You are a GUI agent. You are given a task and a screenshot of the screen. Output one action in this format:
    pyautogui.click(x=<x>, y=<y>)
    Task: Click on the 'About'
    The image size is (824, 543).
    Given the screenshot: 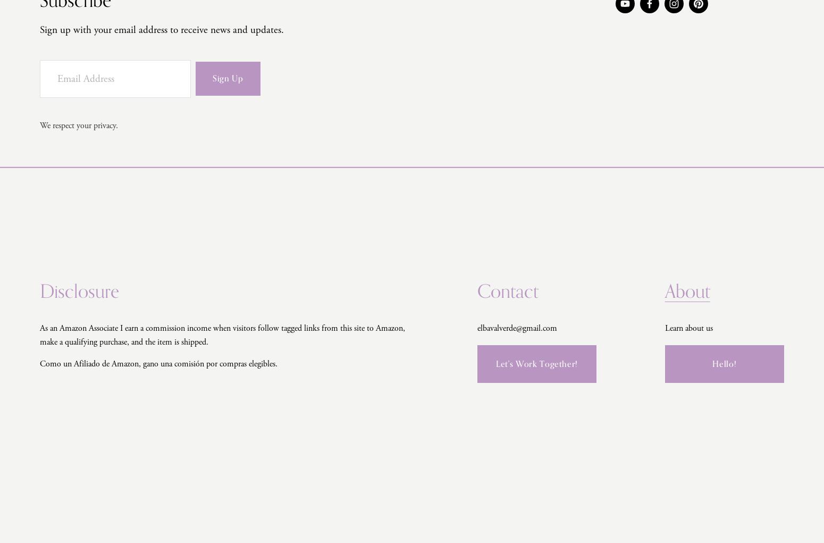 What is the action you would take?
    pyautogui.click(x=686, y=291)
    